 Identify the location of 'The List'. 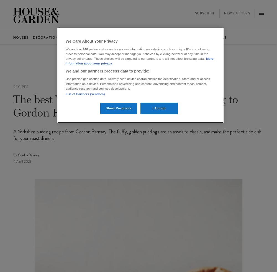
(151, 37).